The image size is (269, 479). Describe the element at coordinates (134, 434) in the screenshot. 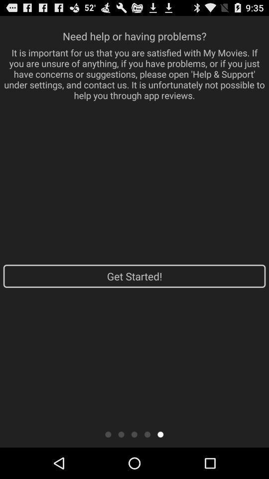

I see `slide button` at that location.